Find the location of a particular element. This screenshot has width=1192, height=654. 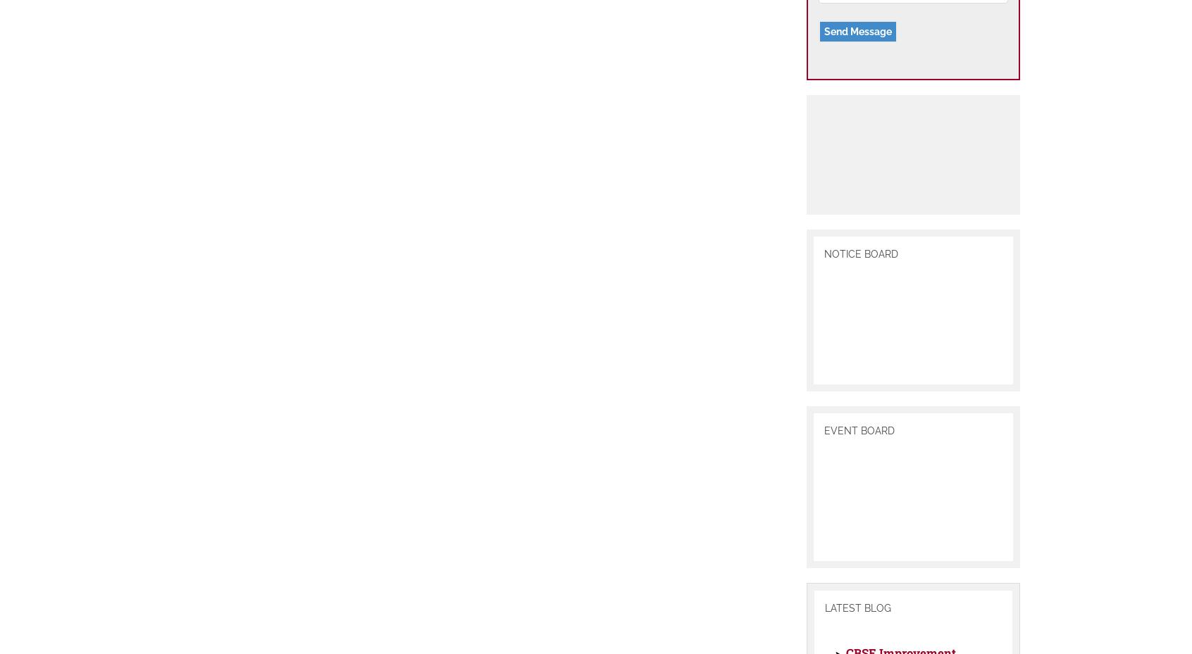

'LATEST BLOG' is located at coordinates (857, 608).